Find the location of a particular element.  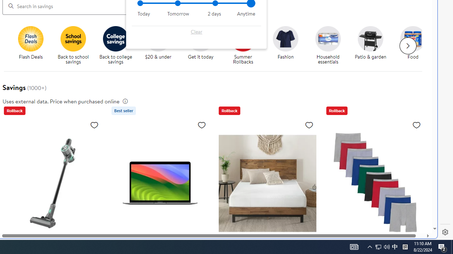

'Summer Rollbacks Summer Rollbacks' is located at coordinates (243, 46).